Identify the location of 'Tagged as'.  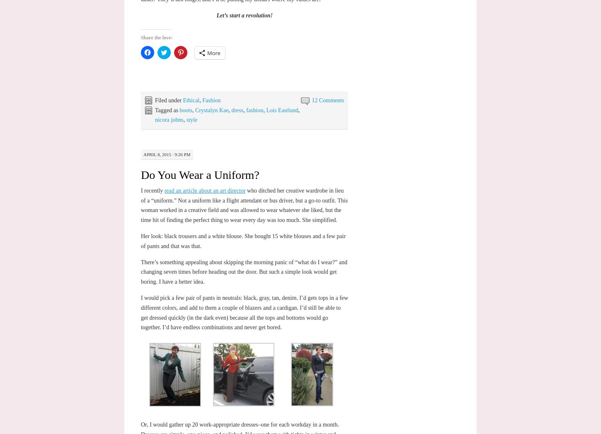
(166, 109).